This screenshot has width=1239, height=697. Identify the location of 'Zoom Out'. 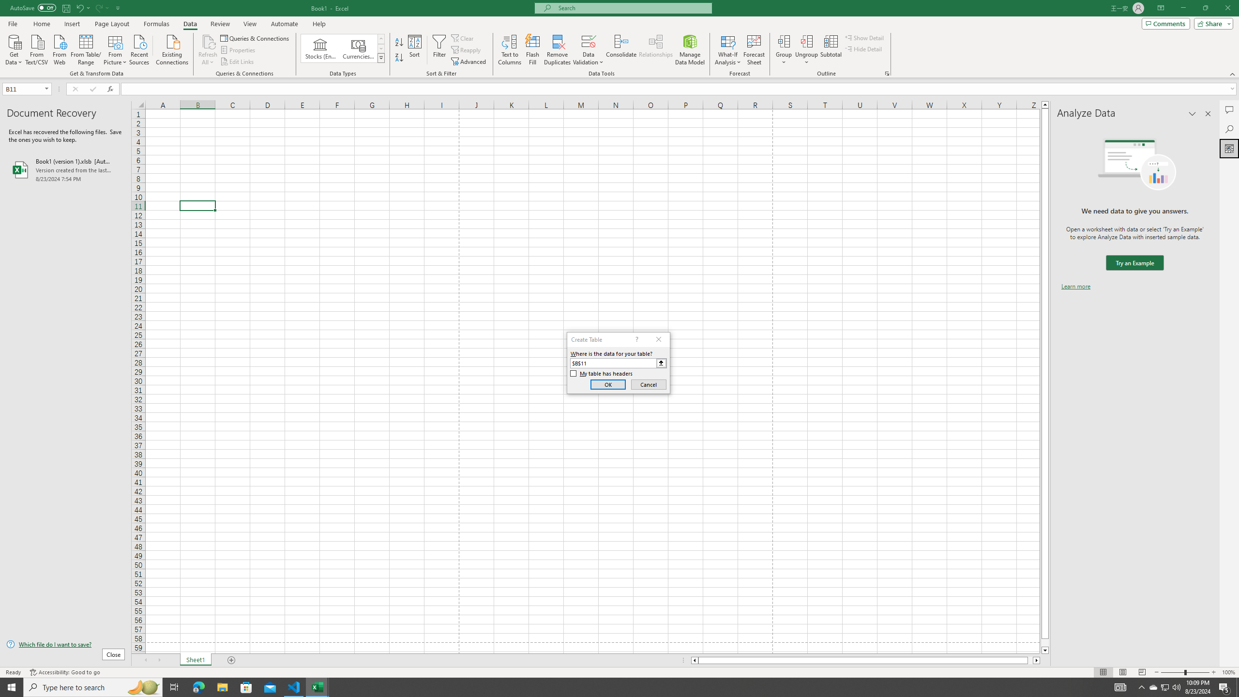
(1172, 672).